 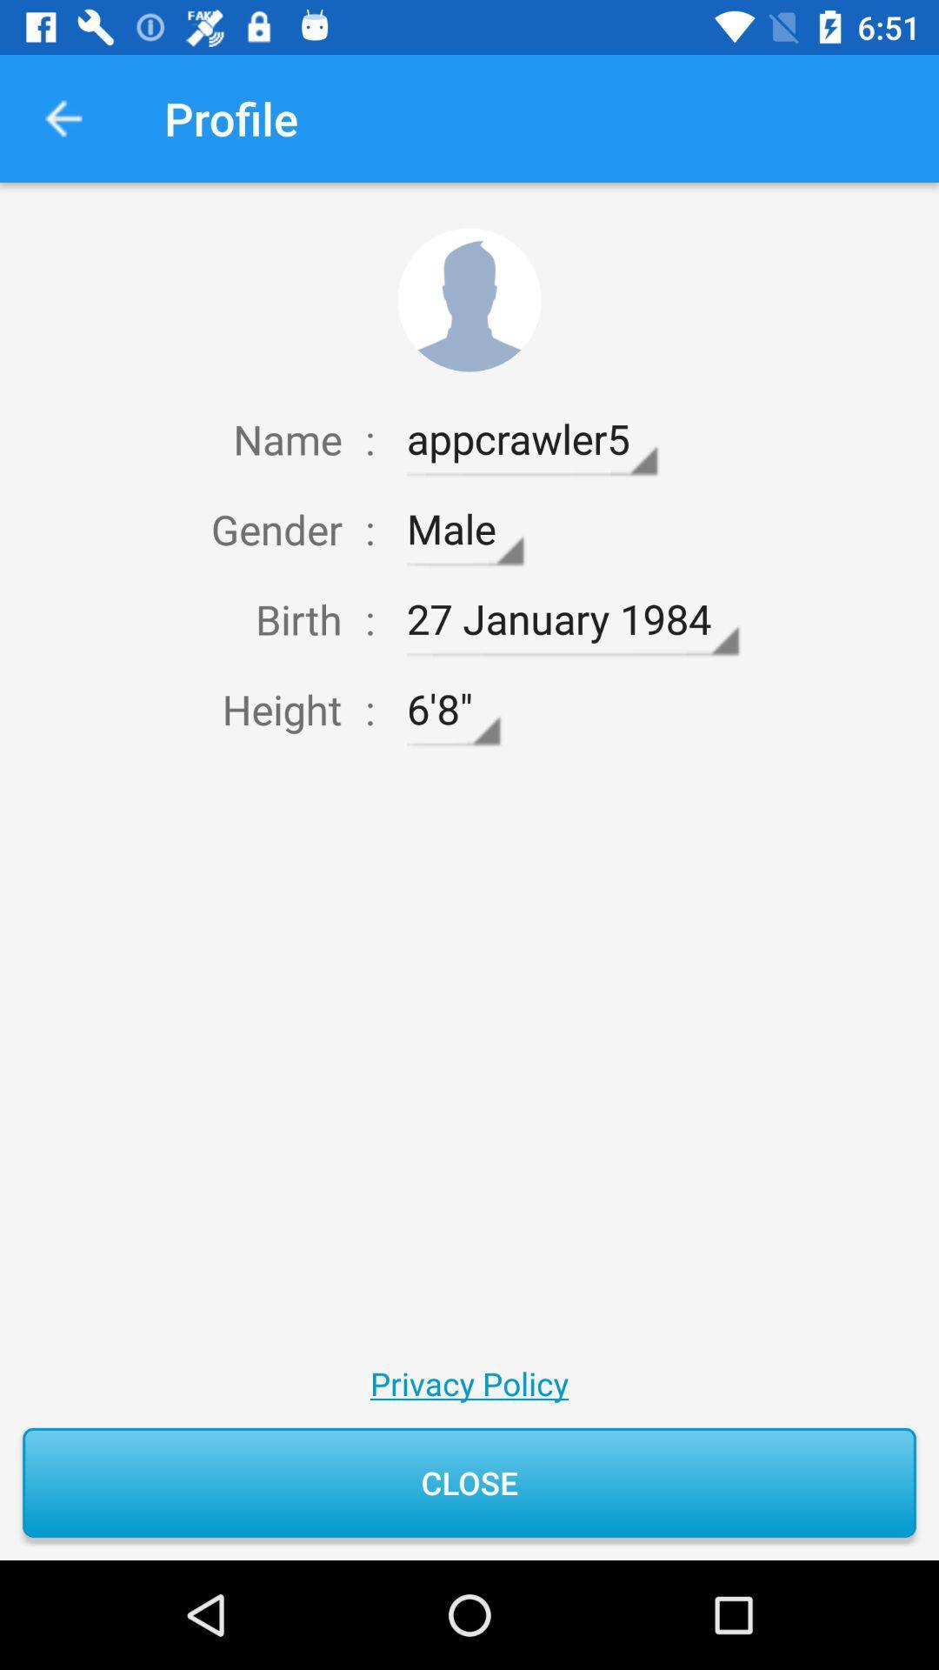 What do you see at coordinates (469, 300) in the screenshot?
I see `change profile picture` at bounding box center [469, 300].